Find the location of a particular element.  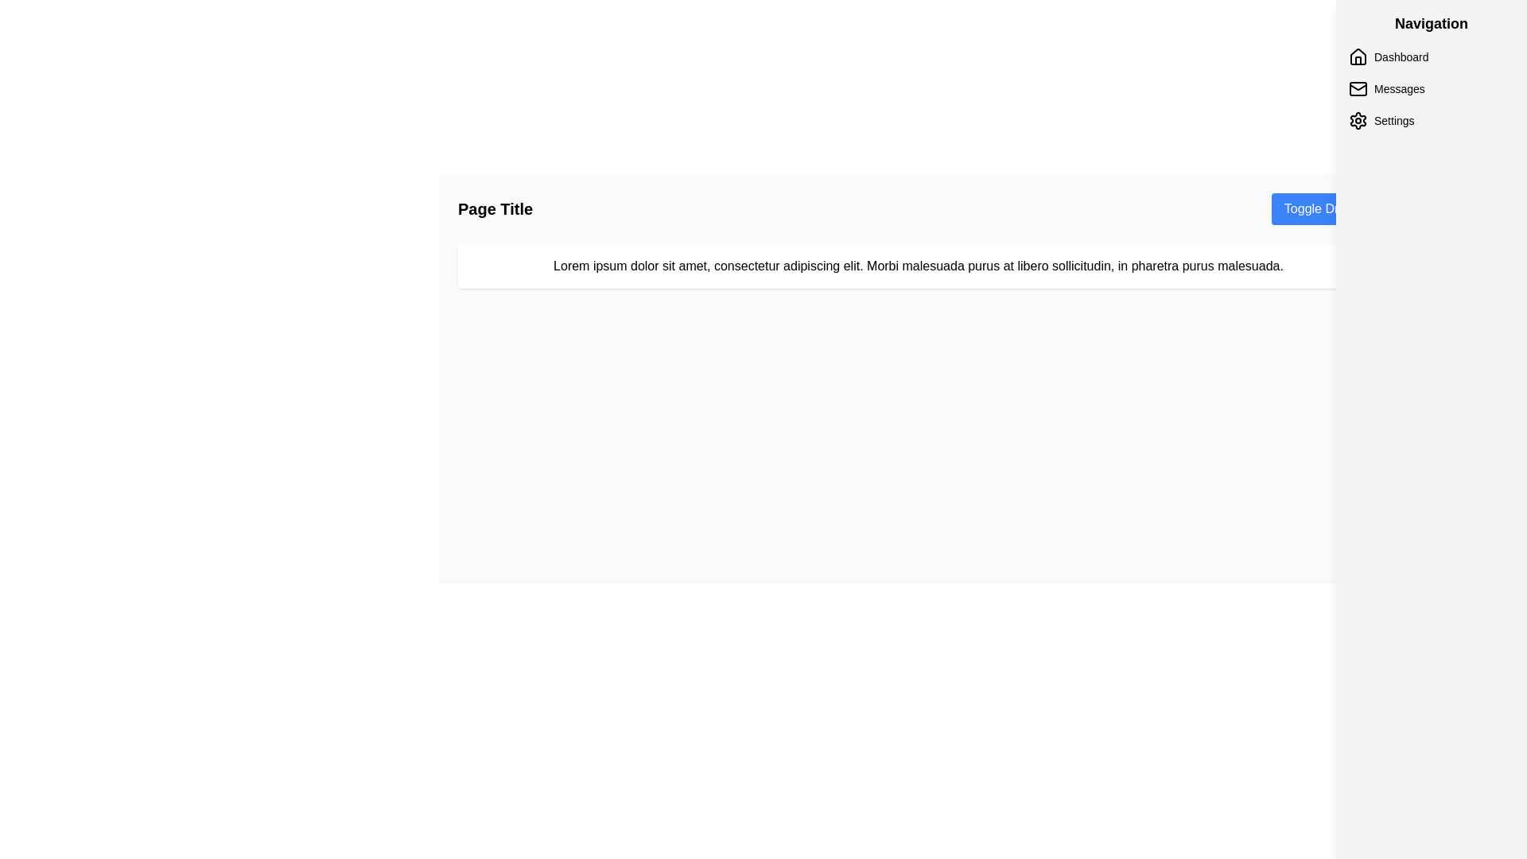

the static text label at the top of the sidebar menu, which indicates the purpose of the navigation panel is located at coordinates (1432, 24).